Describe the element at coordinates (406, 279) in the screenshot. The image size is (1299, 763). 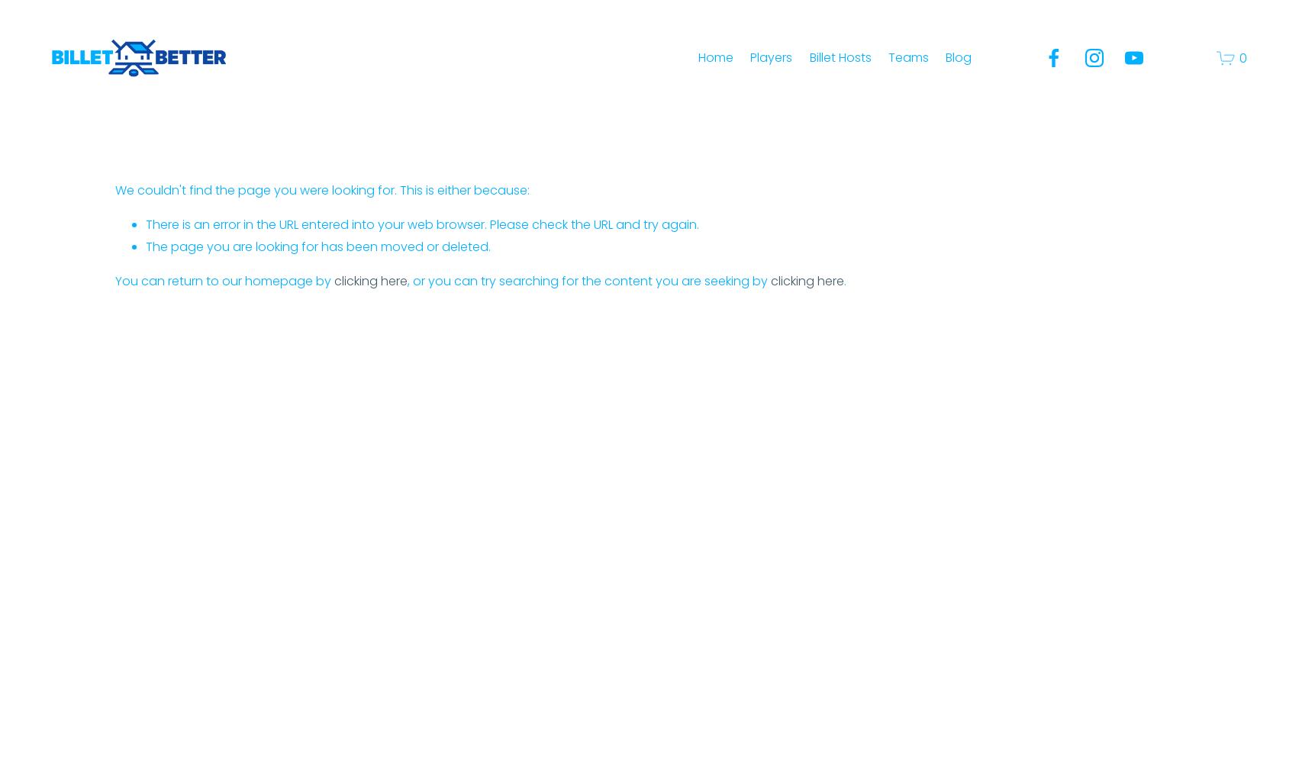
I see `', or you can try searching for the
  content you are seeking by'` at that location.